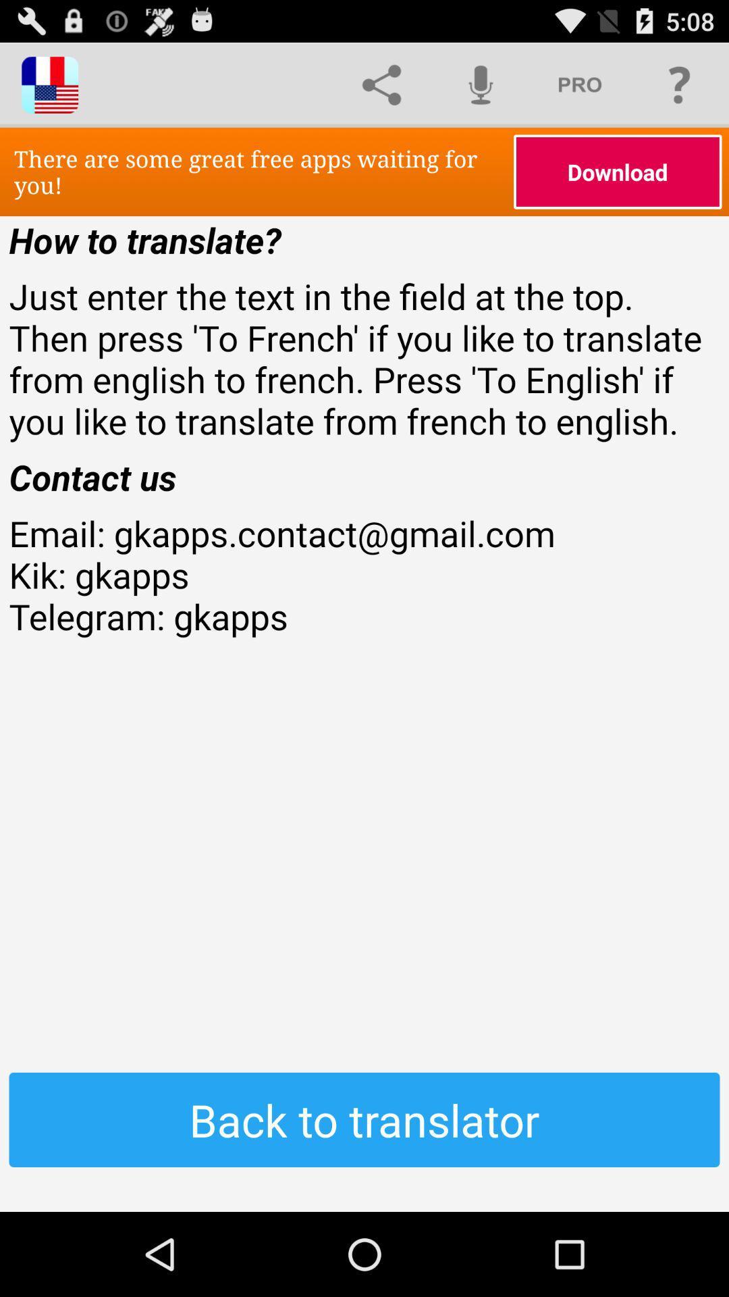  What do you see at coordinates (364, 358) in the screenshot?
I see `icon below how to translate? icon` at bounding box center [364, 358].